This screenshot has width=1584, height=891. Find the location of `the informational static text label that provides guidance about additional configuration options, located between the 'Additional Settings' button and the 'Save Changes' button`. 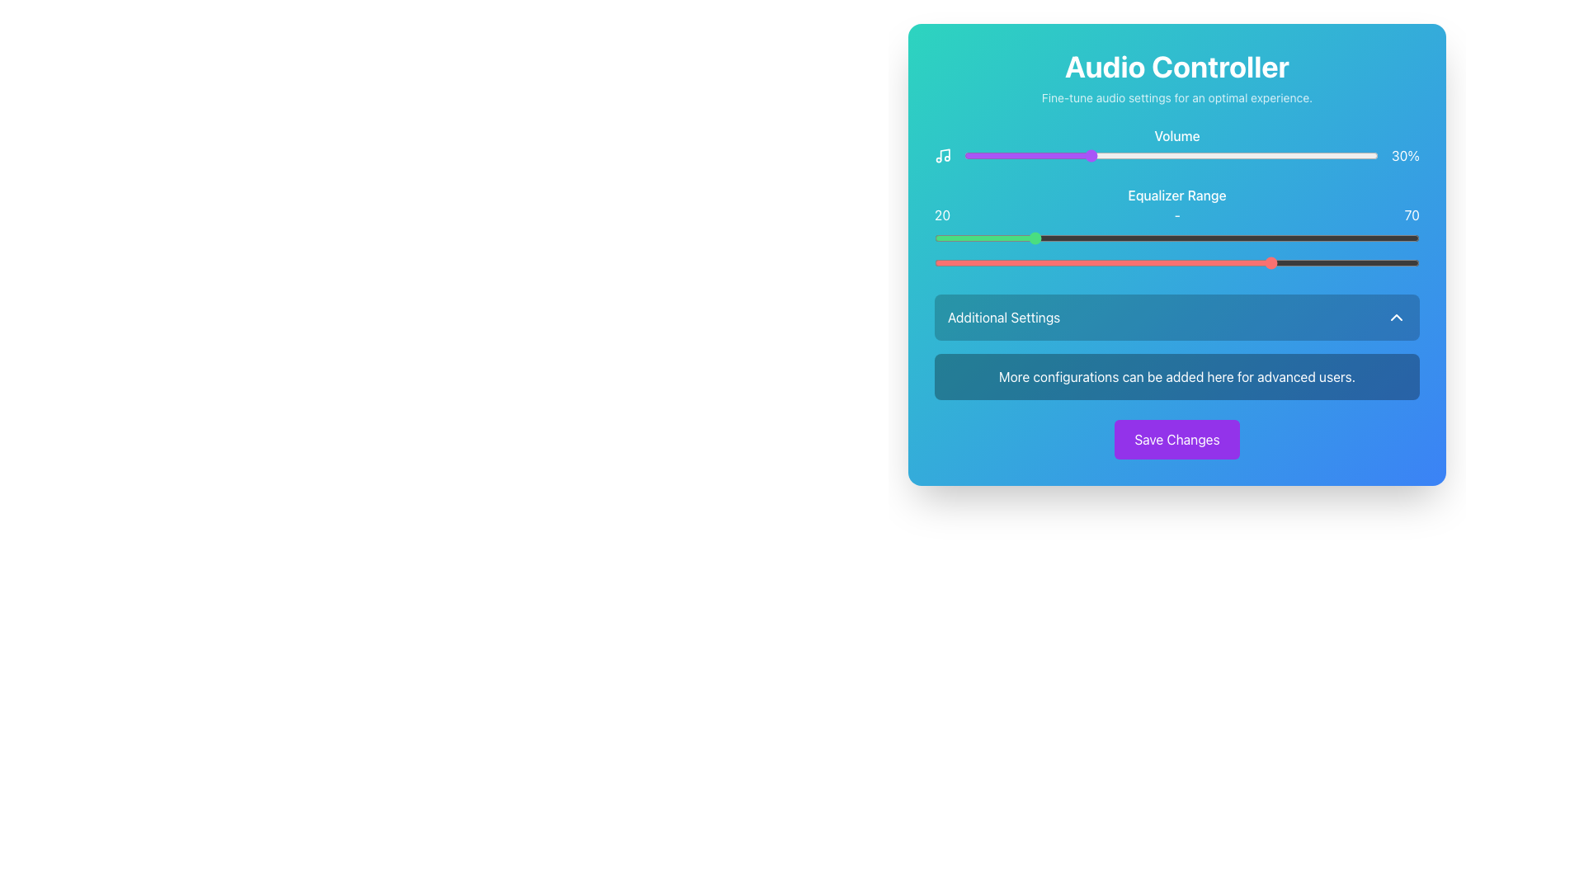

the informational static text label that provides guidance about additional configuration options, located between the 'Additional Settings' button and the 'Save Changes' button is located at coordinates (1176, 376).